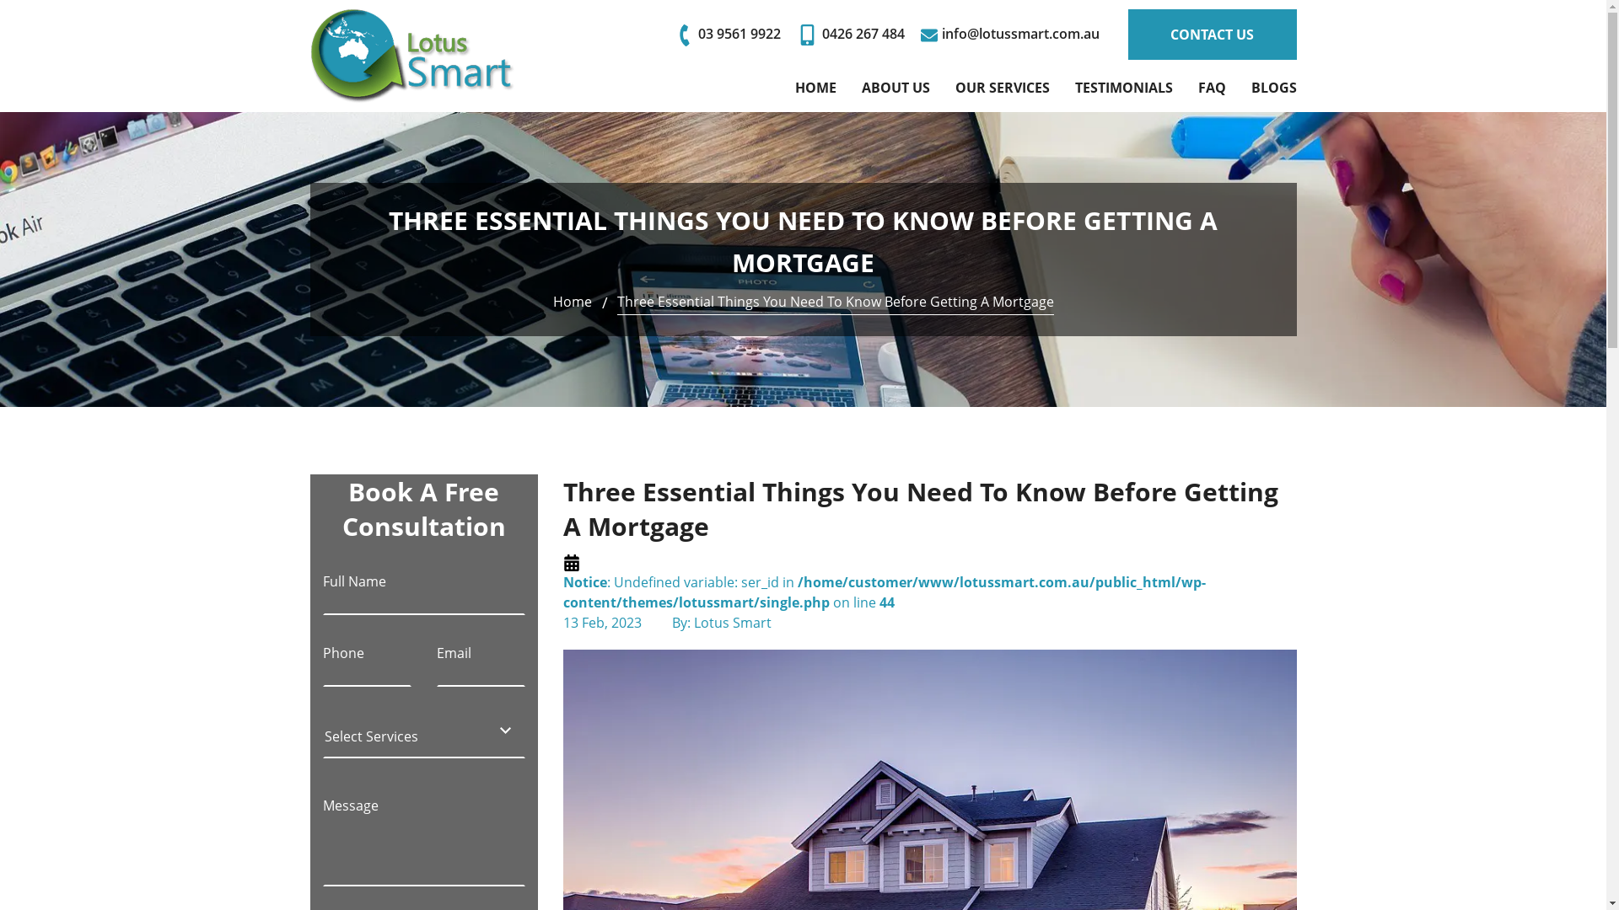  Describe the element at coordinates (895, 88) in the screenshot. I see `'ABOUT US'` at that location.